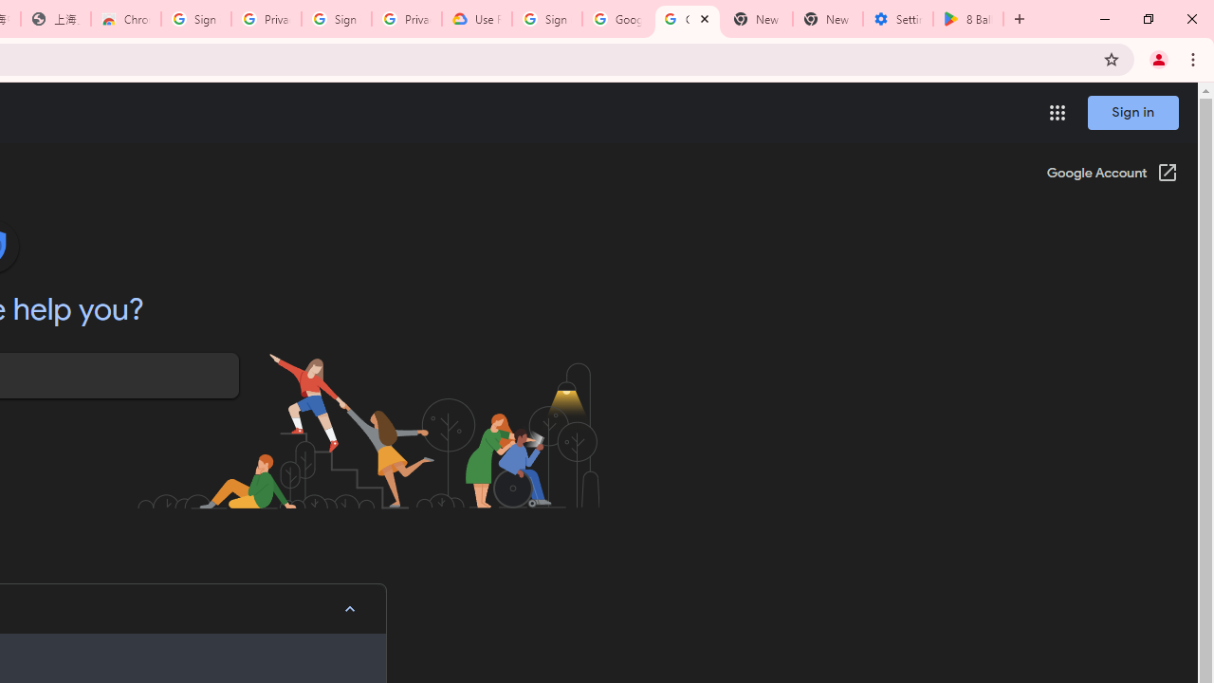 The height and width of the screenshot is (683, 1214). What do you see at coordinates (897, 19) in the screenshot?
I see `'Settings - System'` at bounding box center [897, 19].